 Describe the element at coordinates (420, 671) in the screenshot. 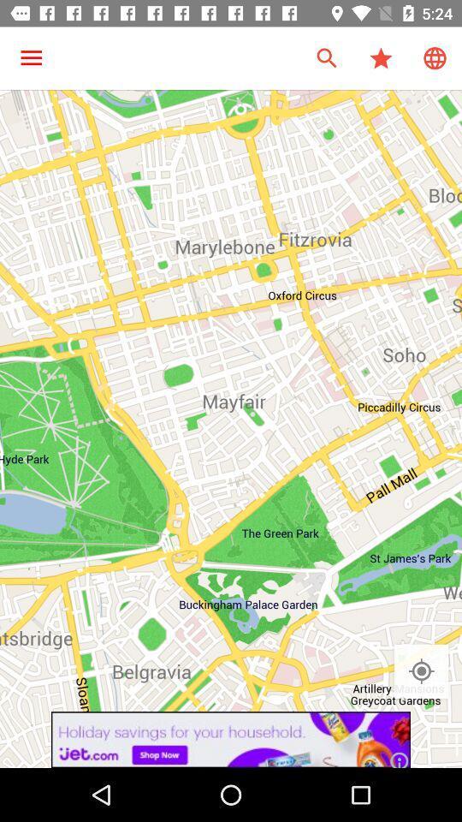

I see `show gps location` at that location.